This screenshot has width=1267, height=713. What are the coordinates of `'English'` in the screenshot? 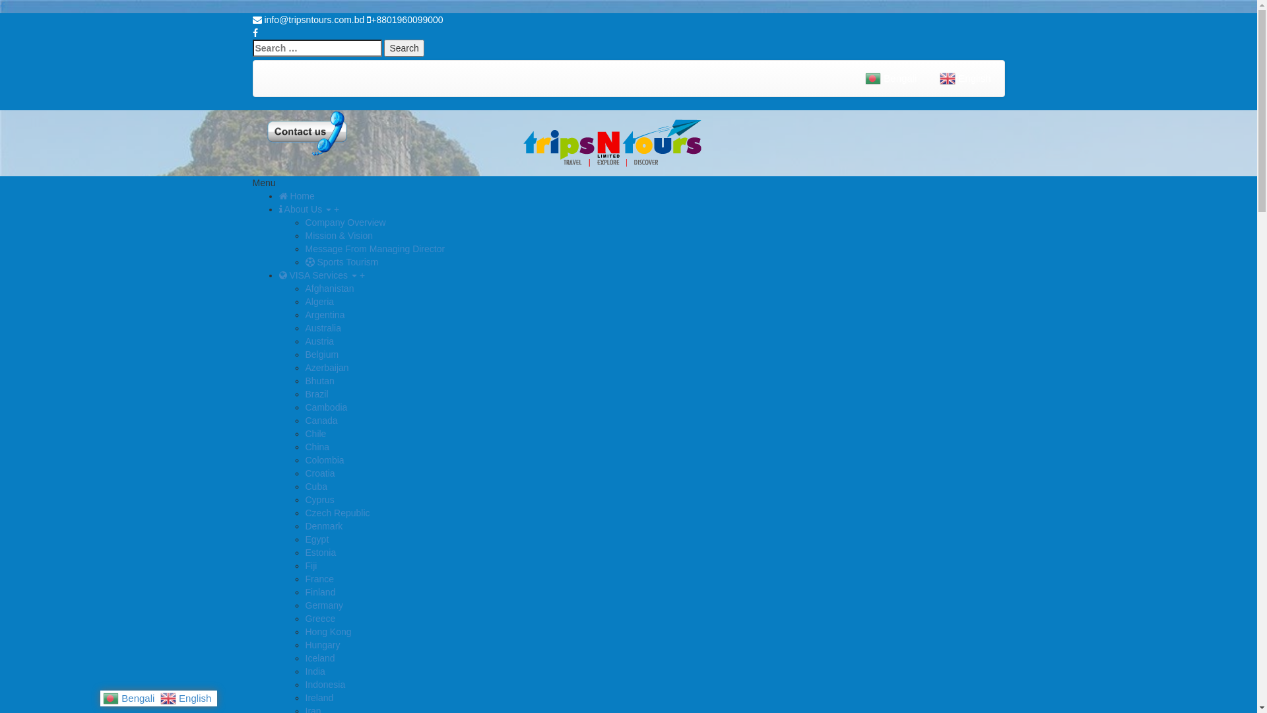 It's located at (966, 79).